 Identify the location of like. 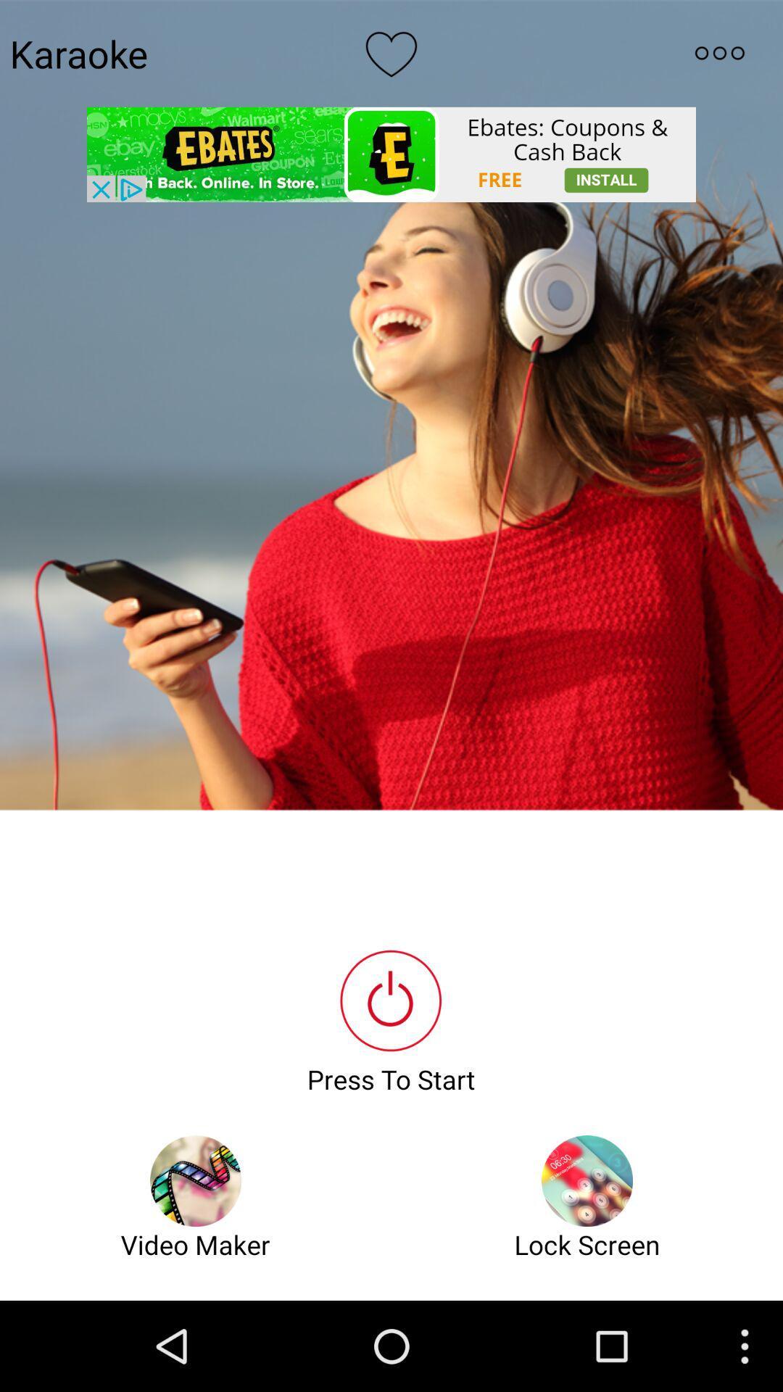
(391, 53).